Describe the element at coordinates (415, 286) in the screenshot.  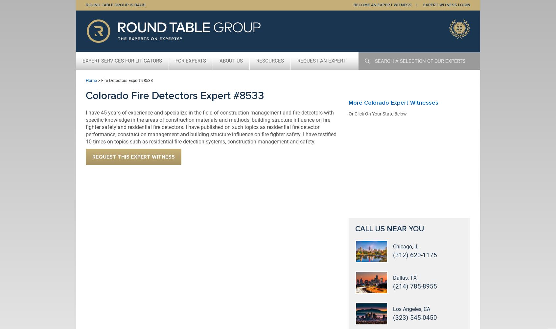
I see `'(214) 785-8955'` at that location.